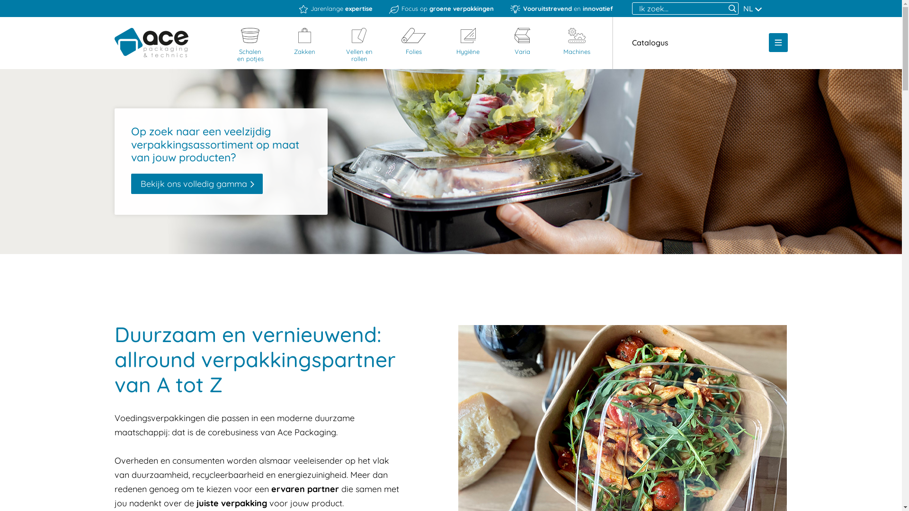 This screenshot has width=909, height=511. I want to click on 'Zakken', so click(304, 41).